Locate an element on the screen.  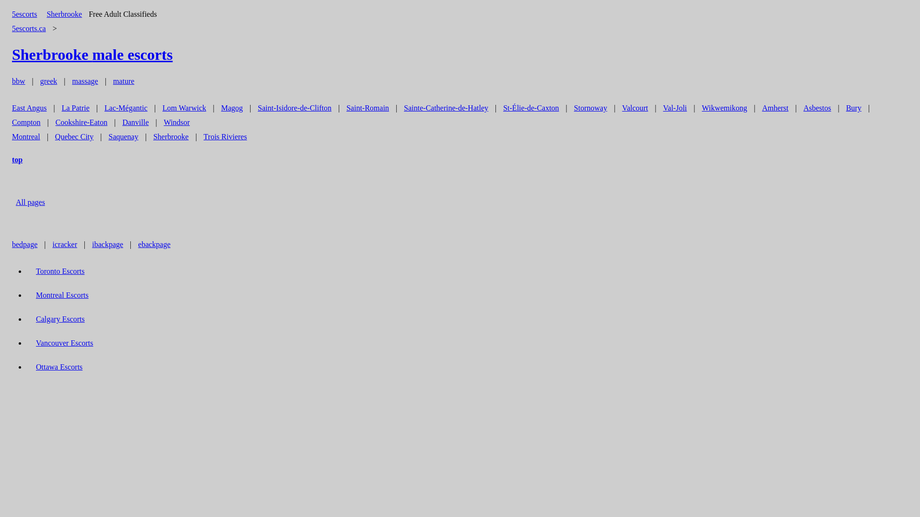
'greek' is located at coordinates (48, 80).